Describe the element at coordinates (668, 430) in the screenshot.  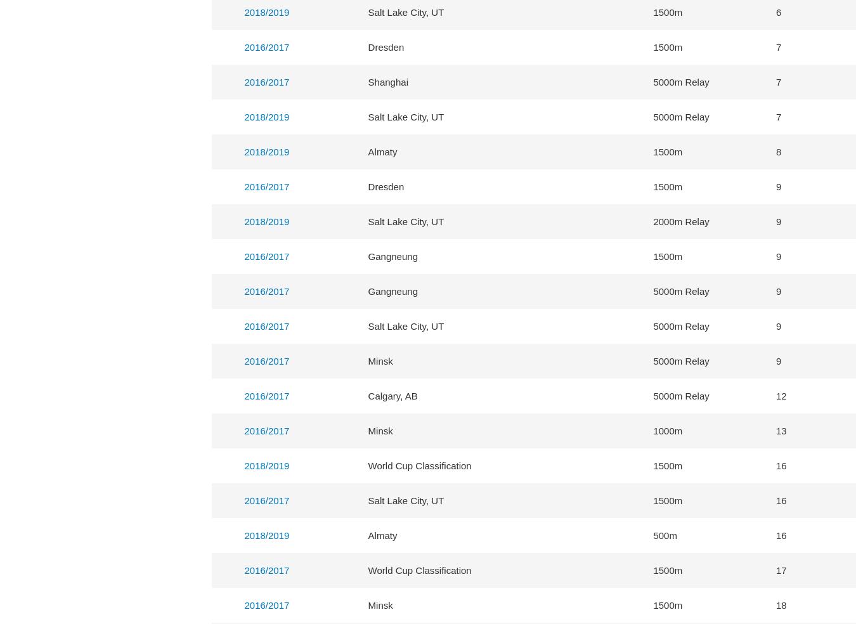
I see `'1000m'` at that location.